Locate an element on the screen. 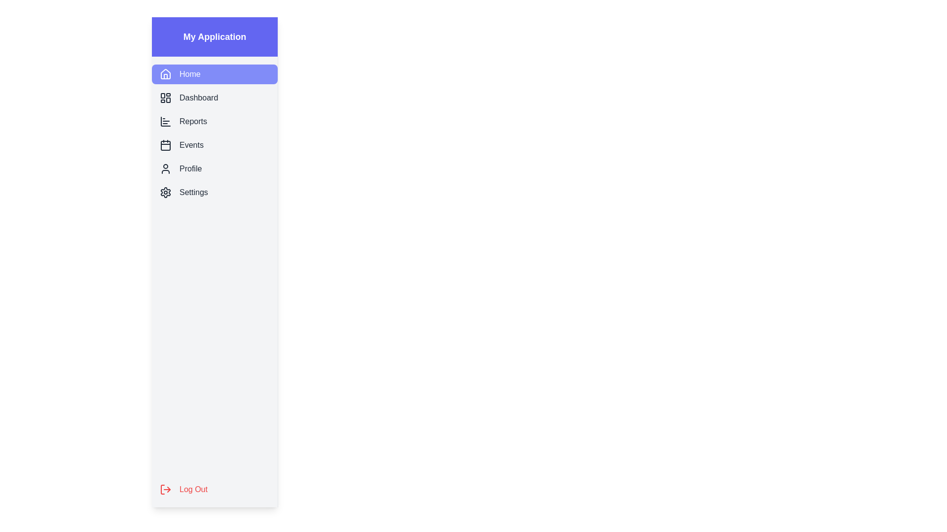 This screenshot has height=532, width=947. the 'Reports' icon located in the vertical navigation sidebar, which is the third entry in the icon group is located at coordinates (166, 121).